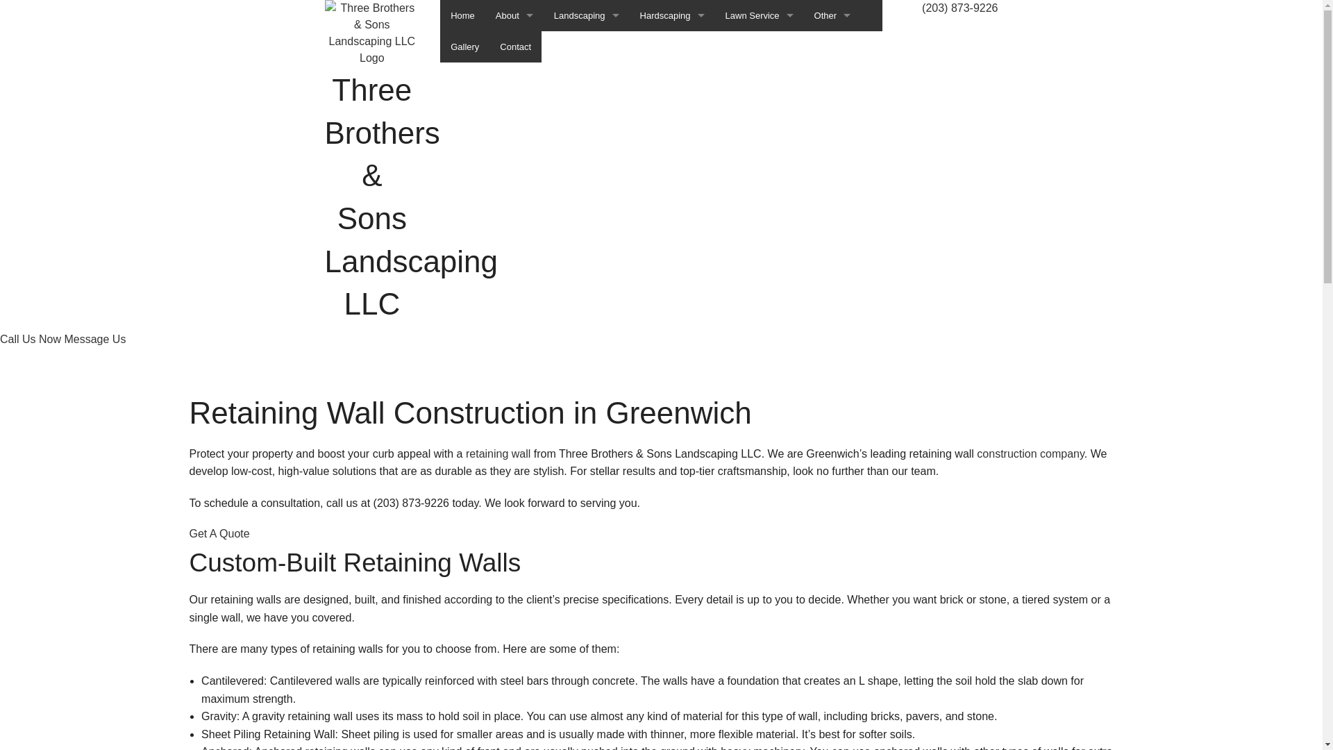 This screenshot has height=750, width=1333. What do you see at coordinates (672, 140) in the screenshot?
I see `'Paver Installation'` at bounding box center [672, 140].